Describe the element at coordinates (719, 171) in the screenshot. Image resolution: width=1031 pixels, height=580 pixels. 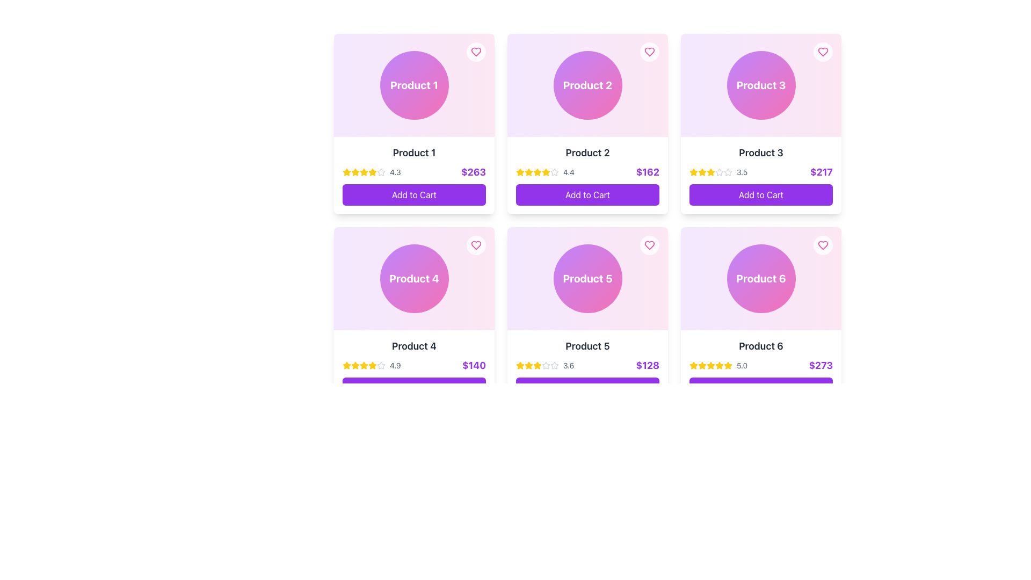
I see `the state of the gray outlined star icon, which is the sixth in a horizontal row of stars under 'Product 3' in the second card of the top row` at that location.